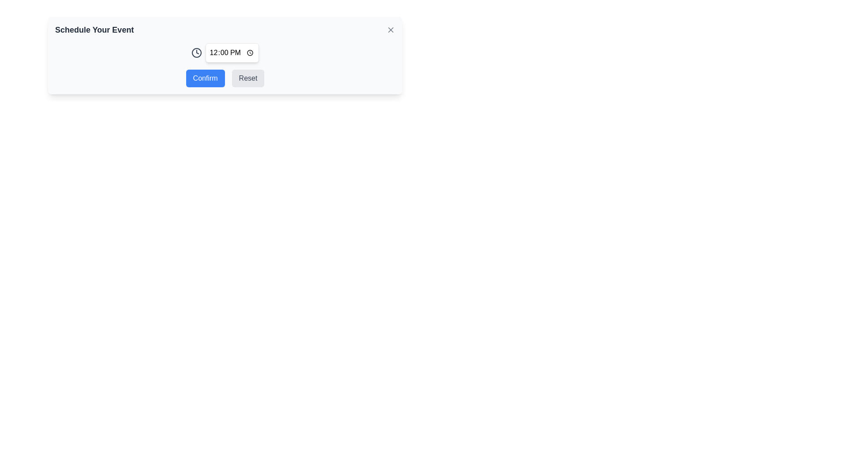 This screenshot has width=847, height=476. I want to click on the 'Reset' button, which is a rectangular button with a light gray background and dark gray text, located to the right of the 'Confirm' button, so click(247, 78).